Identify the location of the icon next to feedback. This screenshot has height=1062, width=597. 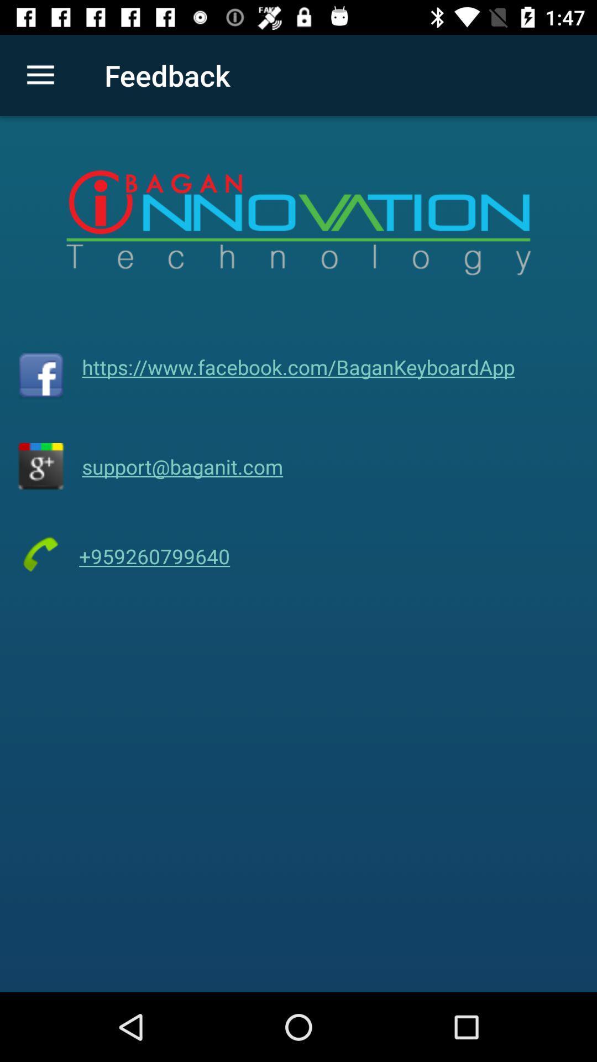
(40, 75).